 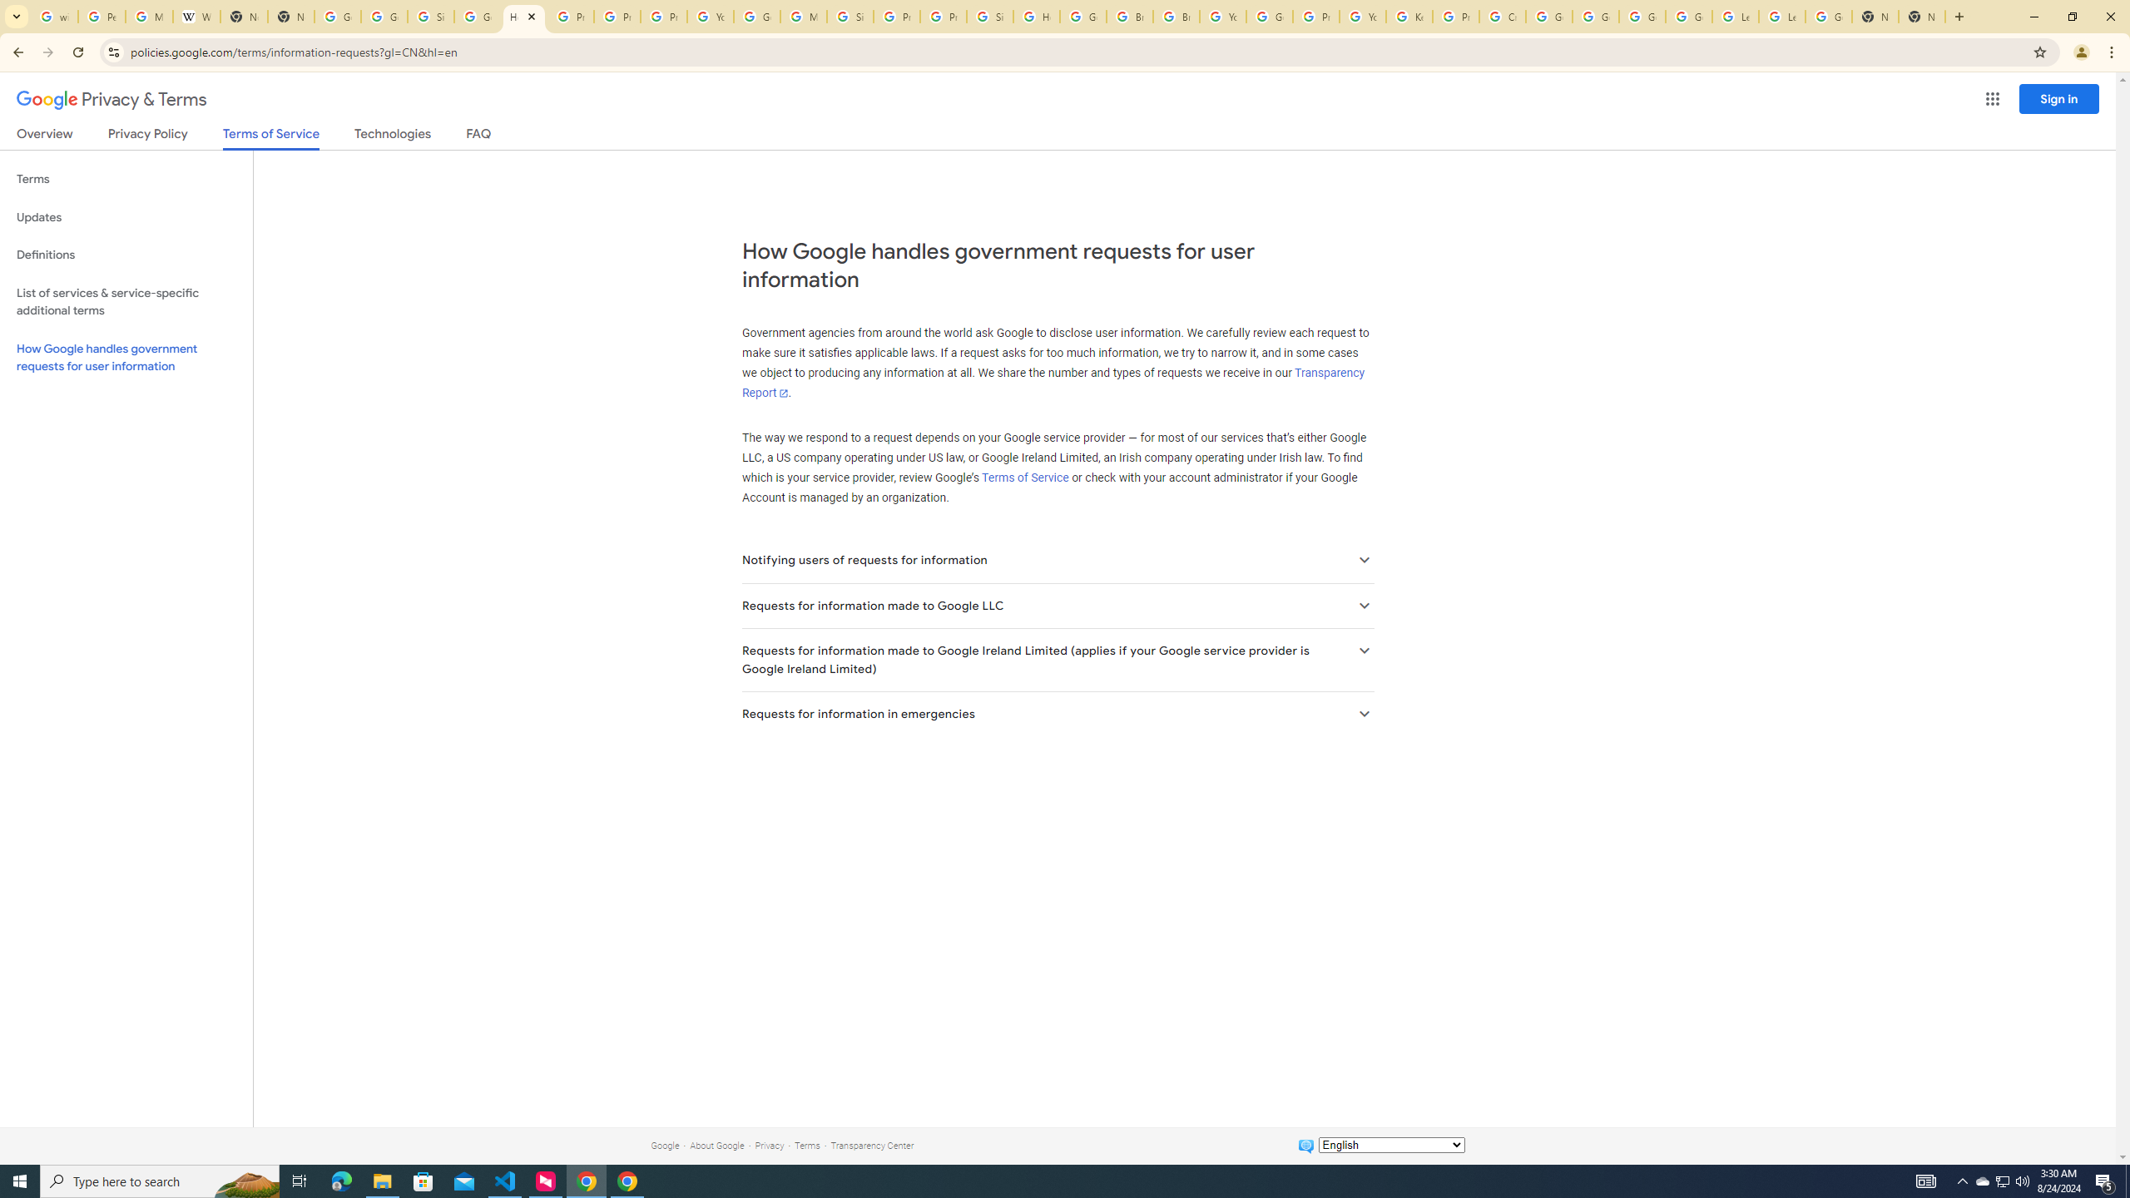 What do you see at coordinates (1922, 16) in the screenshot?
I see `'New Tab'` at bounding box center [1922, 16].